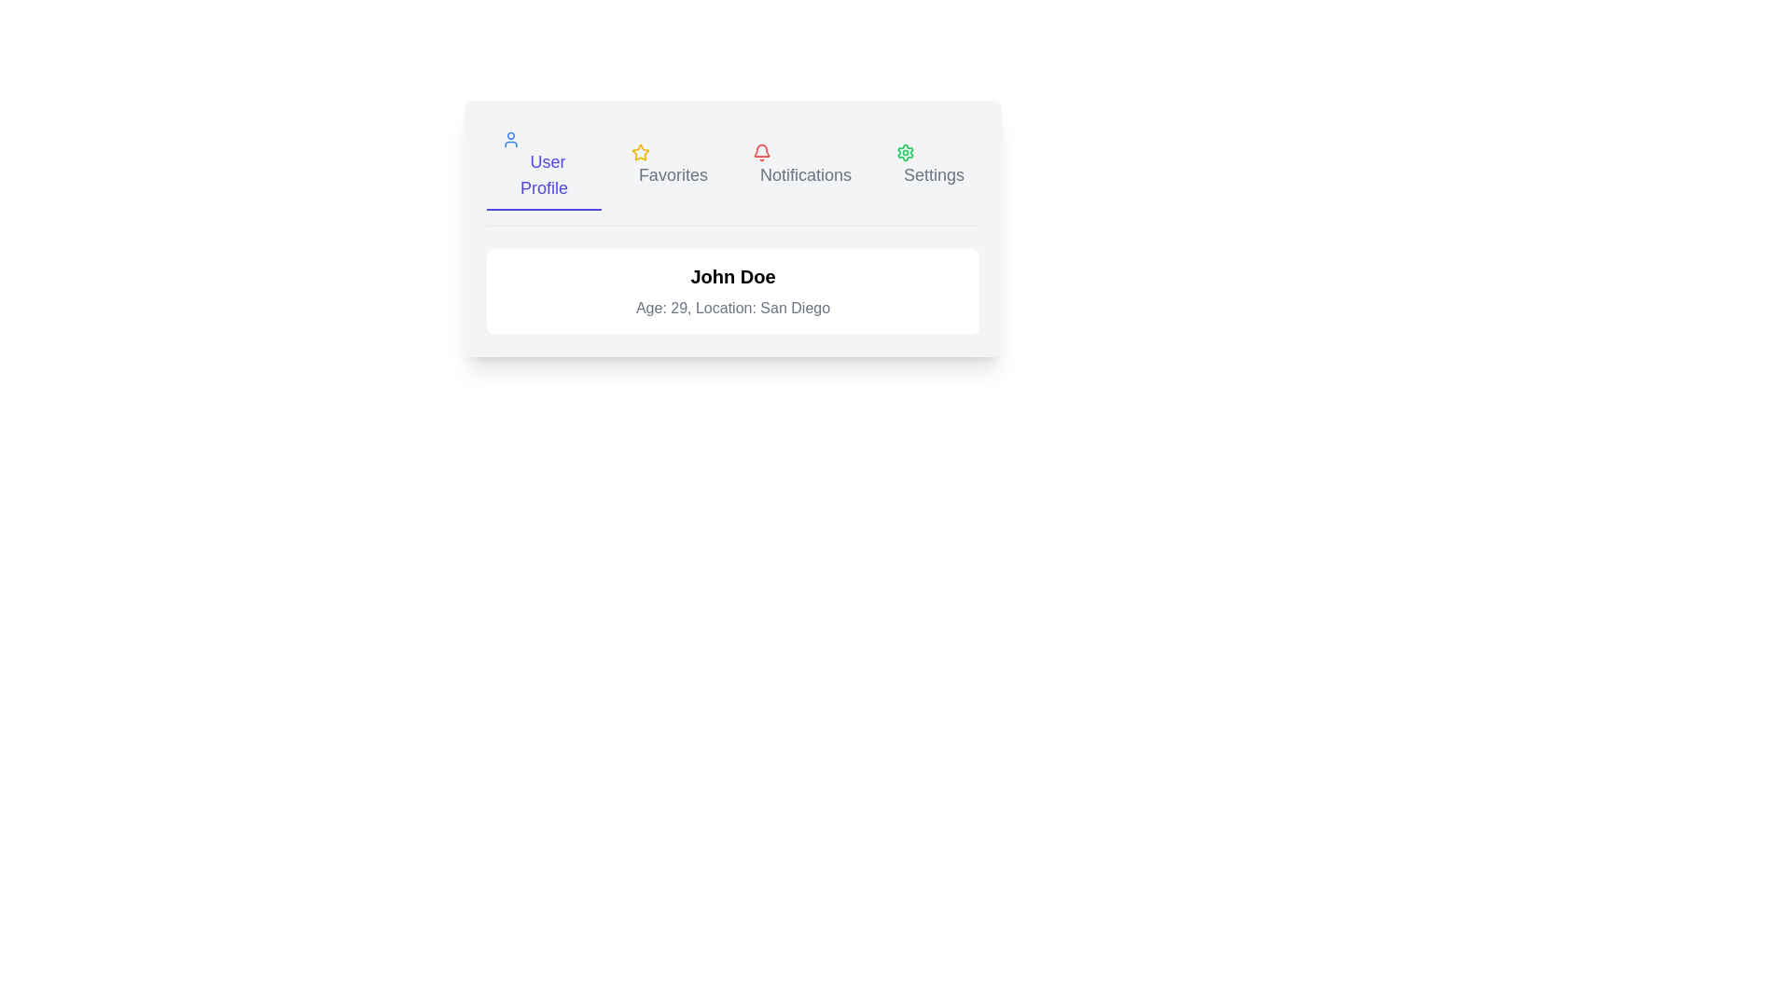  Describe the element at coordinates (761, 152) in the screenshot. I see `the red bell icon located in the header navigation panel, situated between the 'Favorites' icon and the 'Settings' icon` at that location.